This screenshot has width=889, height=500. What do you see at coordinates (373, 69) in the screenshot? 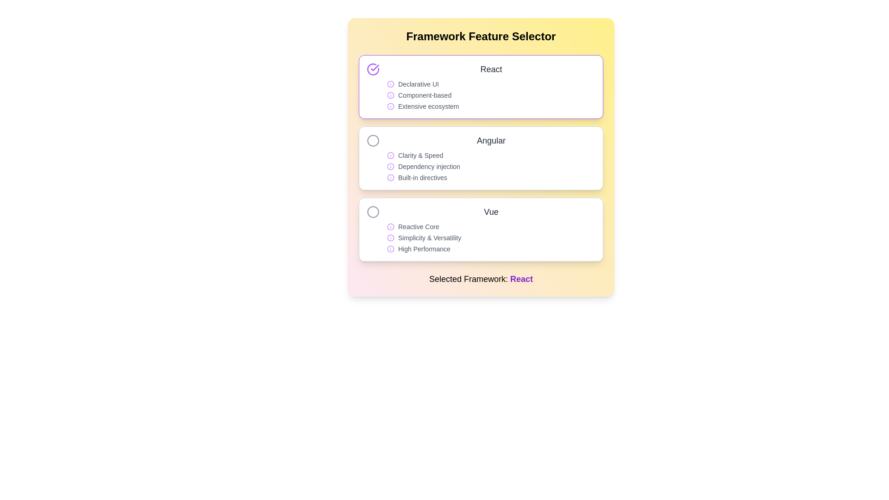
I see `the state of the SVG-based Icon that indicates selection or confirmation of the 'React' framework option, located in the top-left corner of the React section` at bounding box center [373, 69].